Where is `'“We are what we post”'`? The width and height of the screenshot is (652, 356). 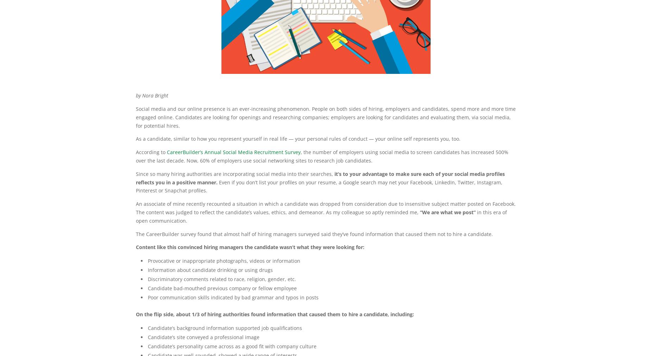
'“We are what we post”' is located at coordinates (447, 212).